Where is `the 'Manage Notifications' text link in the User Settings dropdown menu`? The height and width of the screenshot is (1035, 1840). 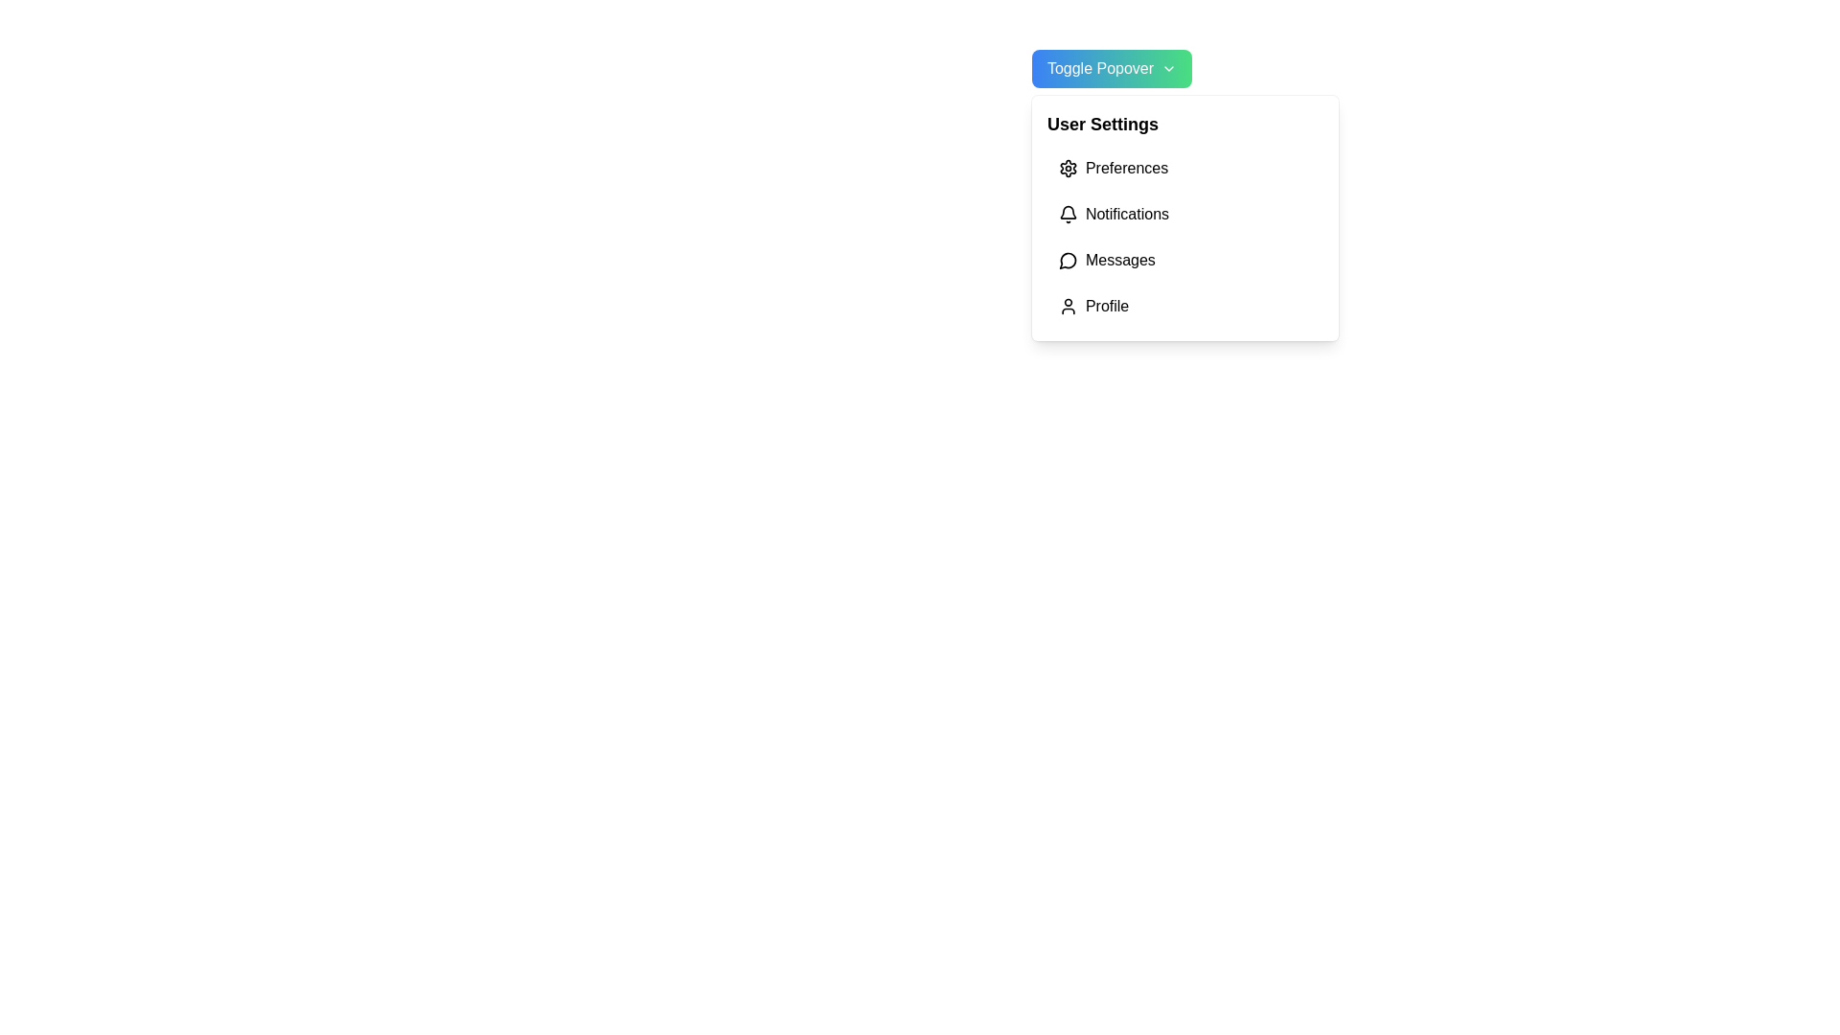 the 'Manage Notifications' text link in the User Settings dropdown menu is located at coordinates (1127, 214).